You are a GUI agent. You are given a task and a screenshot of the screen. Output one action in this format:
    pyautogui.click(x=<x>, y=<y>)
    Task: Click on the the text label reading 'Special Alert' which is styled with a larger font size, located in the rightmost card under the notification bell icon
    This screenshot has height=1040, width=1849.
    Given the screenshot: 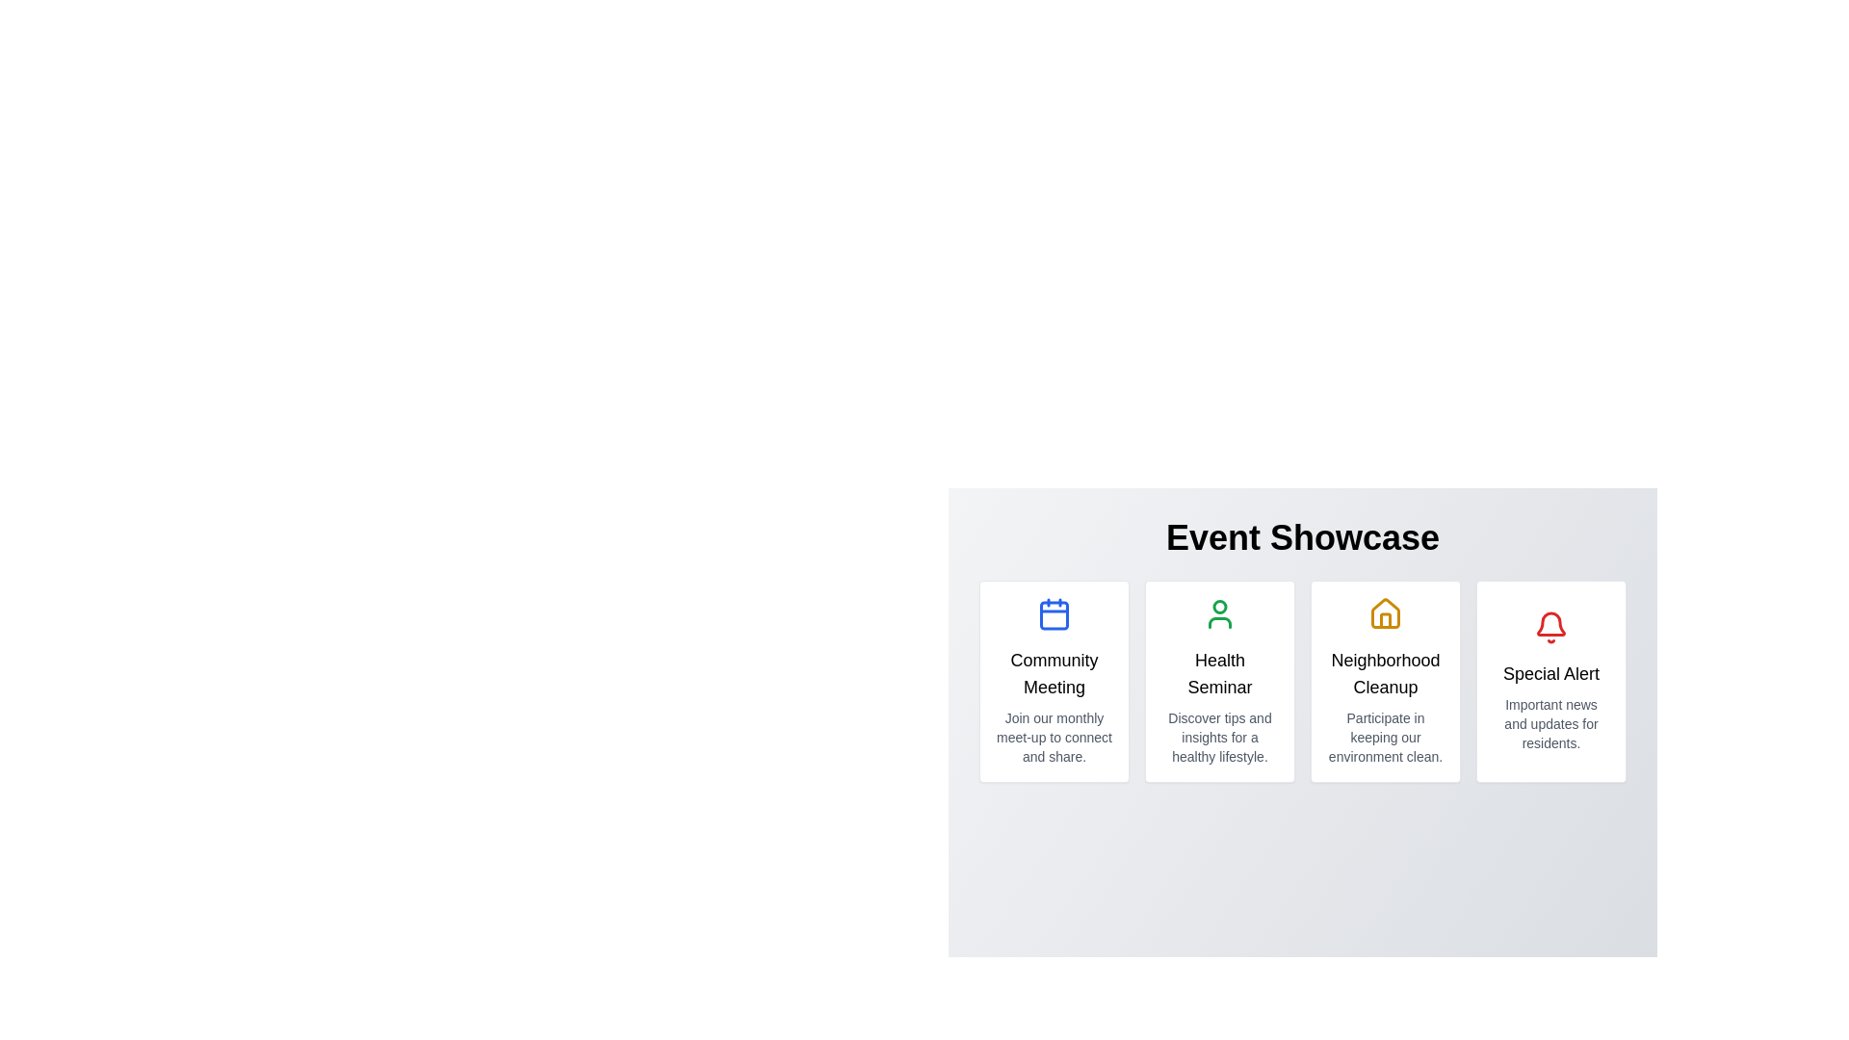 What is the action you would take?
    pyautogui.click(x=1551, y=672)
    